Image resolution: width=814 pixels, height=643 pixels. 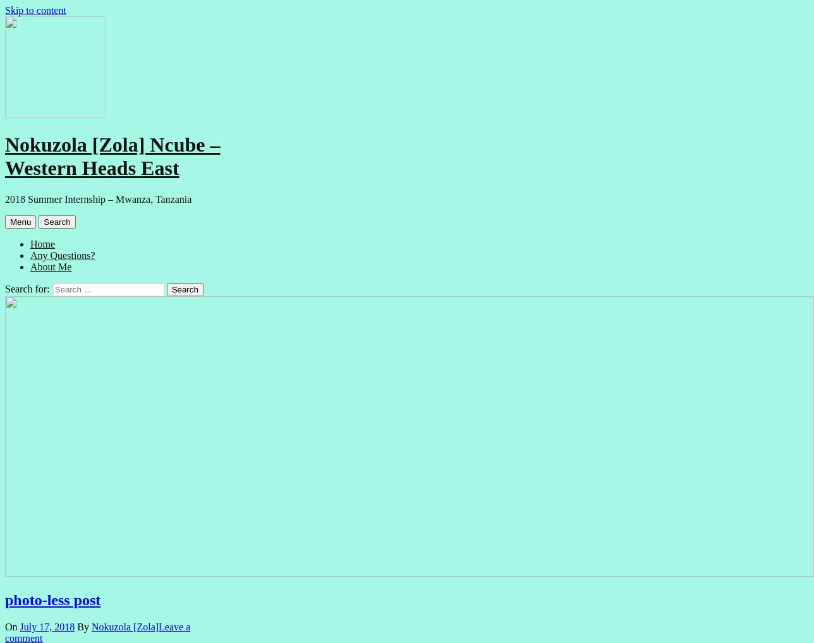 What do you see at coordinates (63, 255) in the screenshot?
I see `'Any Questions?'` at bounding box center [63, 255].